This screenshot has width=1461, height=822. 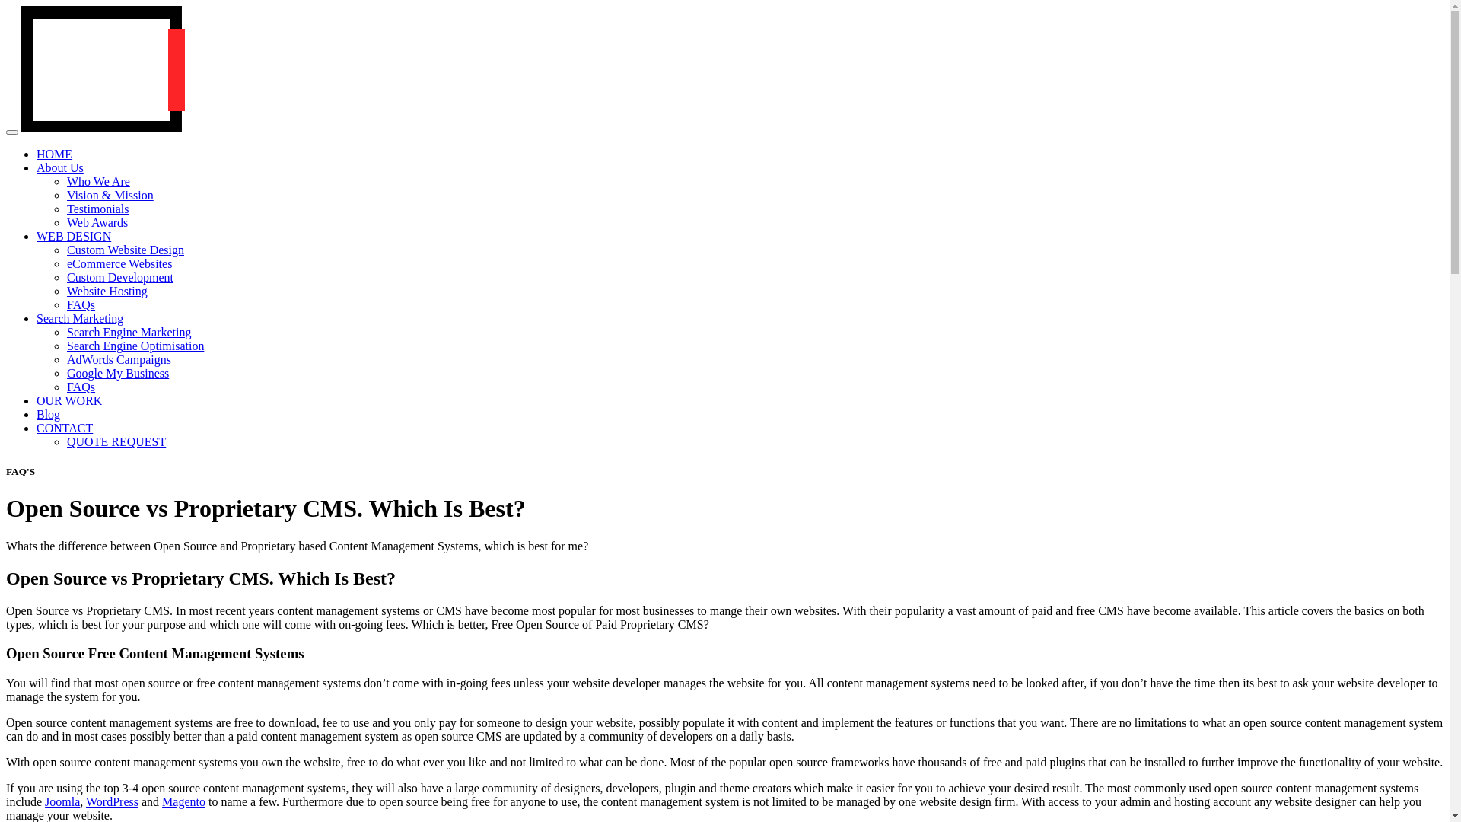 What do you see at coordinates (135, 346) in the screenshot?
I see `'Search Engine Optimisation'` at bounding box center [135, 346].